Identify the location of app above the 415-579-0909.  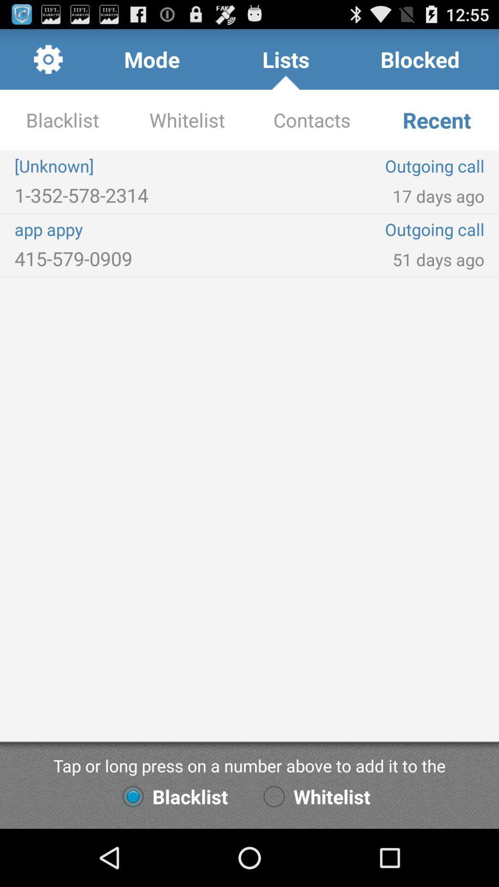
(132, 229).